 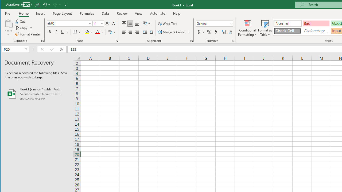 I want to click on 'Bad', so click(x=316, y=23).